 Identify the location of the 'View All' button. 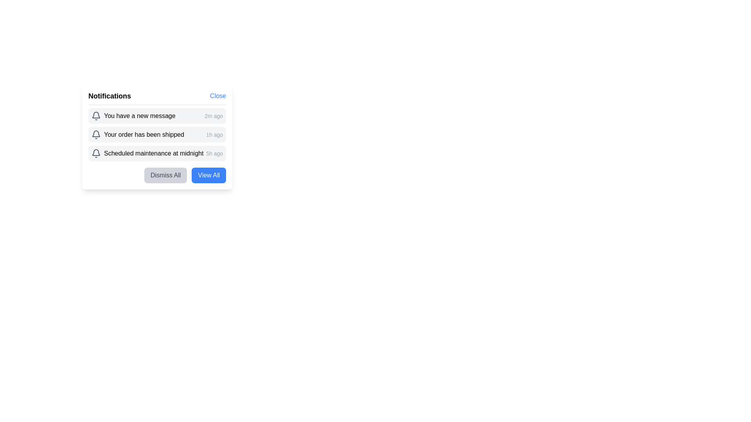
(209, 175).